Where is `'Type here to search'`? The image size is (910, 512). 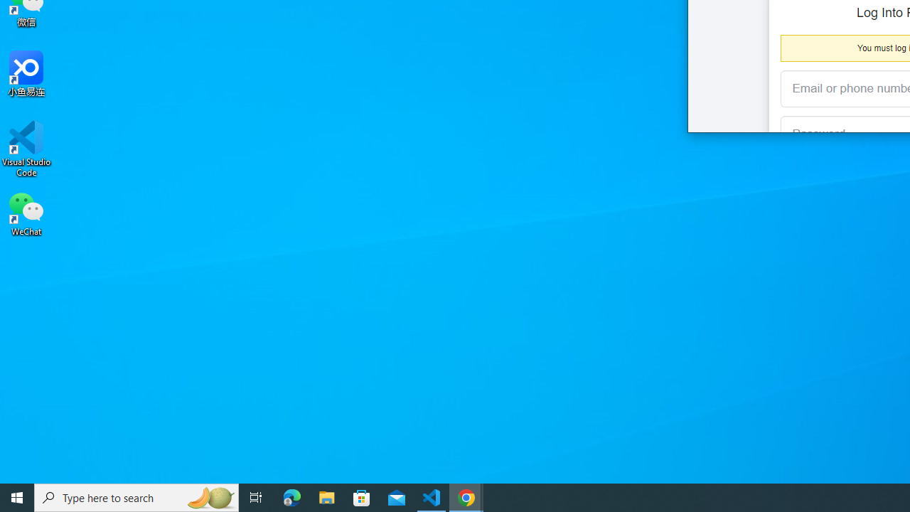
'Type here to search' is located at coordinates (136, 496).